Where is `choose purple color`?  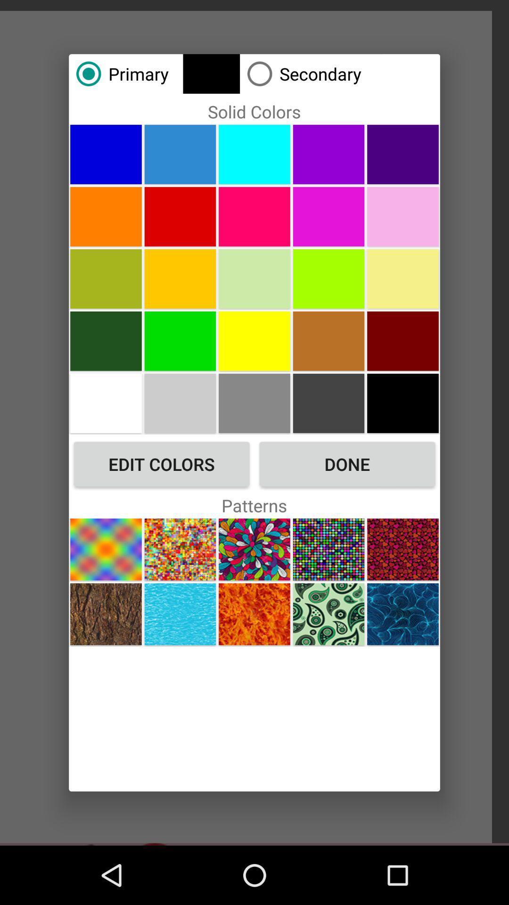
choose purple color is located at coordinates (403, 154).